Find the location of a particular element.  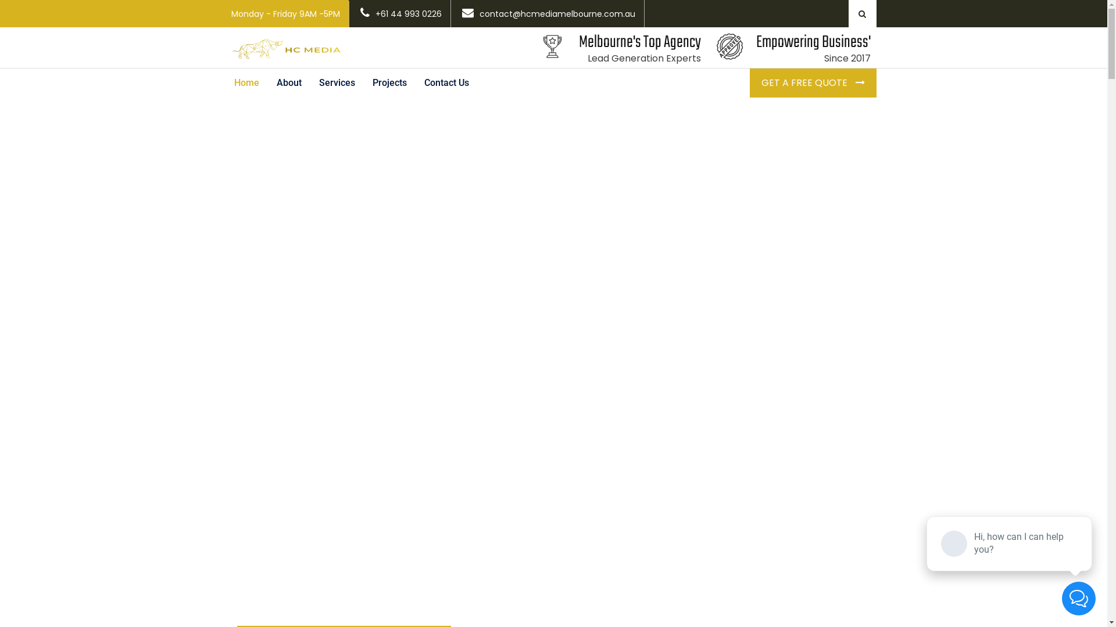

'Services' is located at coordinates (337, 82).